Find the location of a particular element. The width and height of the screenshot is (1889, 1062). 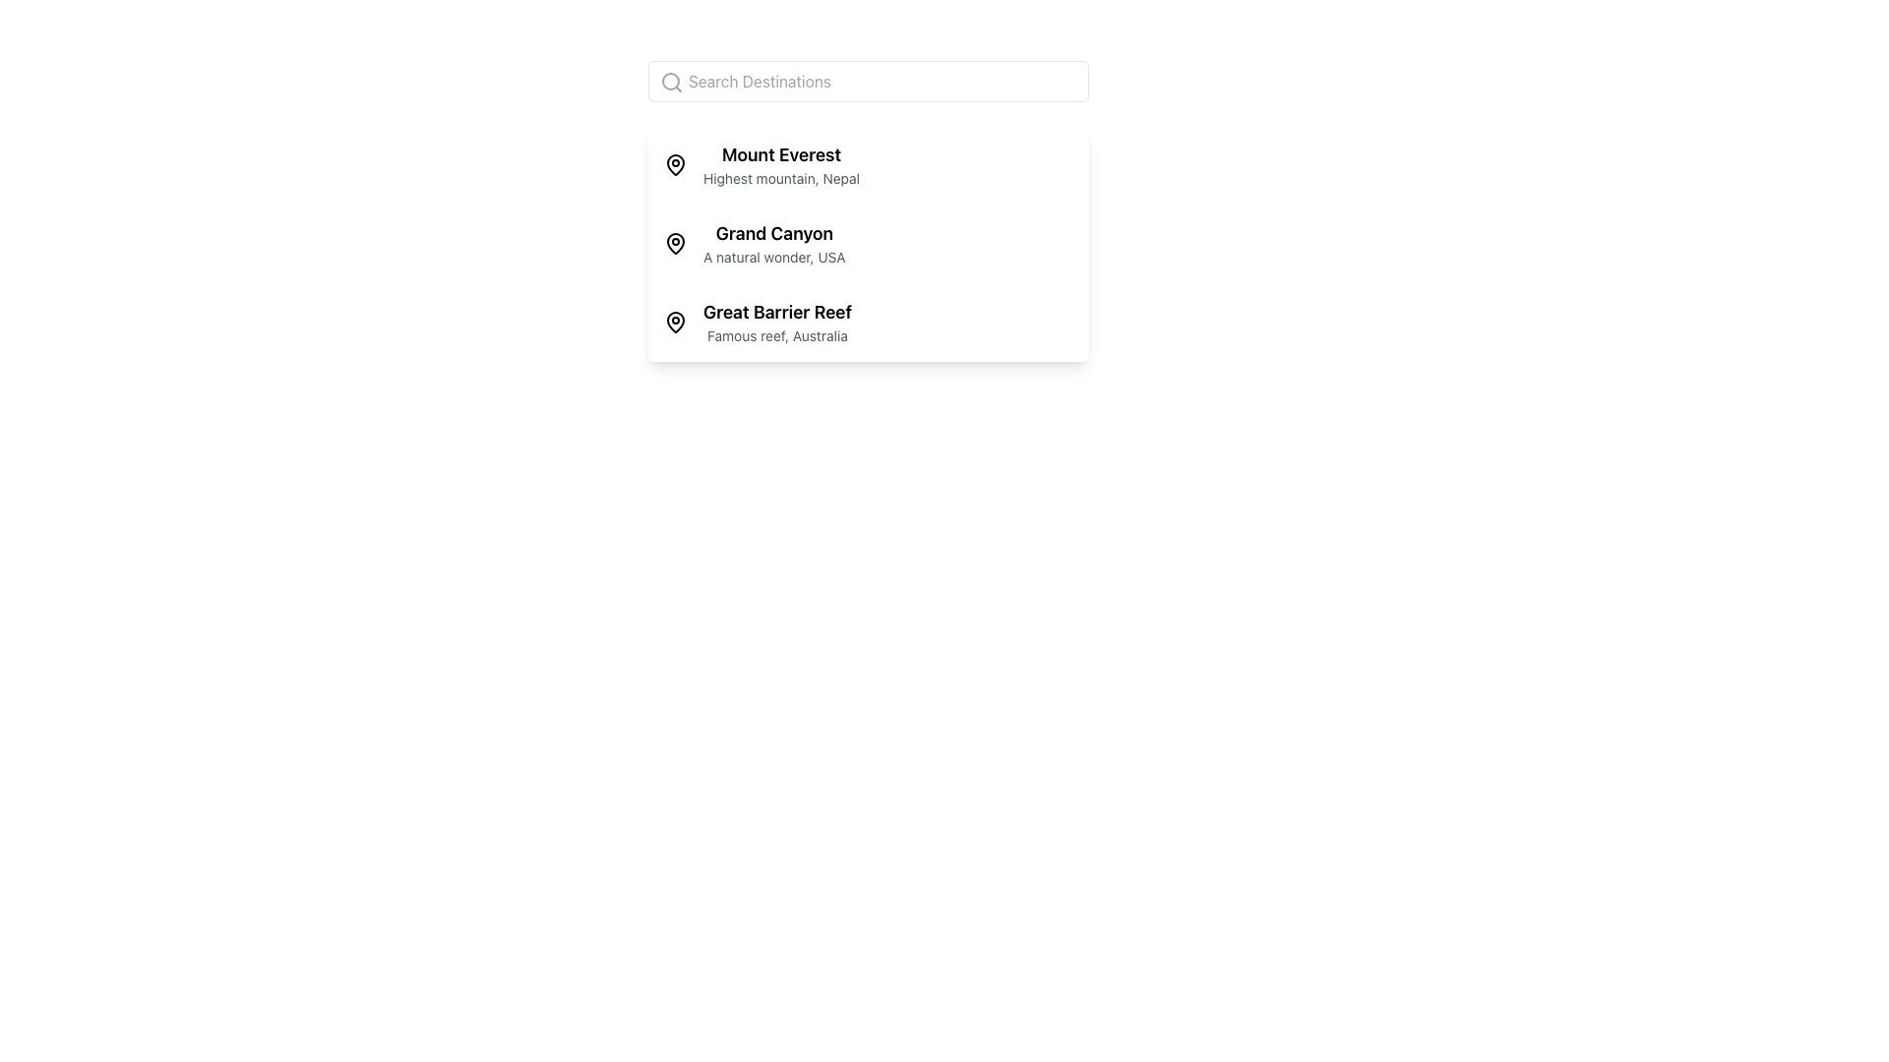

the 'Grand Canyon' text description element, which features a bold title and a subtitle, located as the second item in a vertical list of destinations is located at coordinates (773, 242).